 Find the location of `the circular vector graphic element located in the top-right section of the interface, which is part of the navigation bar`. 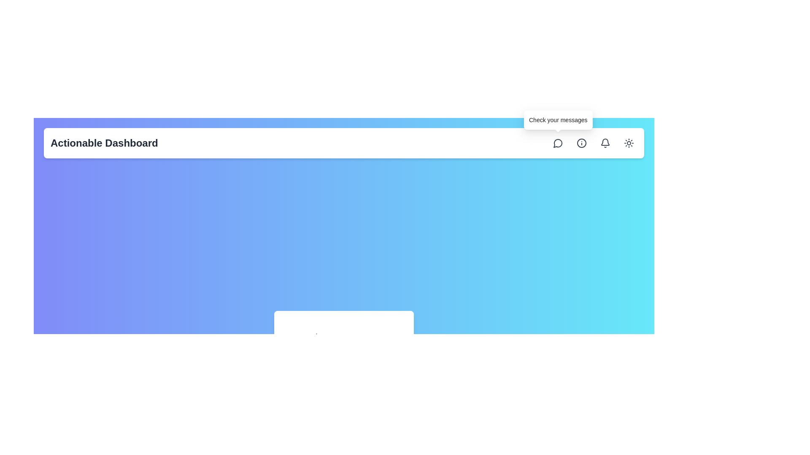

the circular vector graphic element located in the top-right section of the interface, which is part of the navigation bar is located at coordinates (581, 142).